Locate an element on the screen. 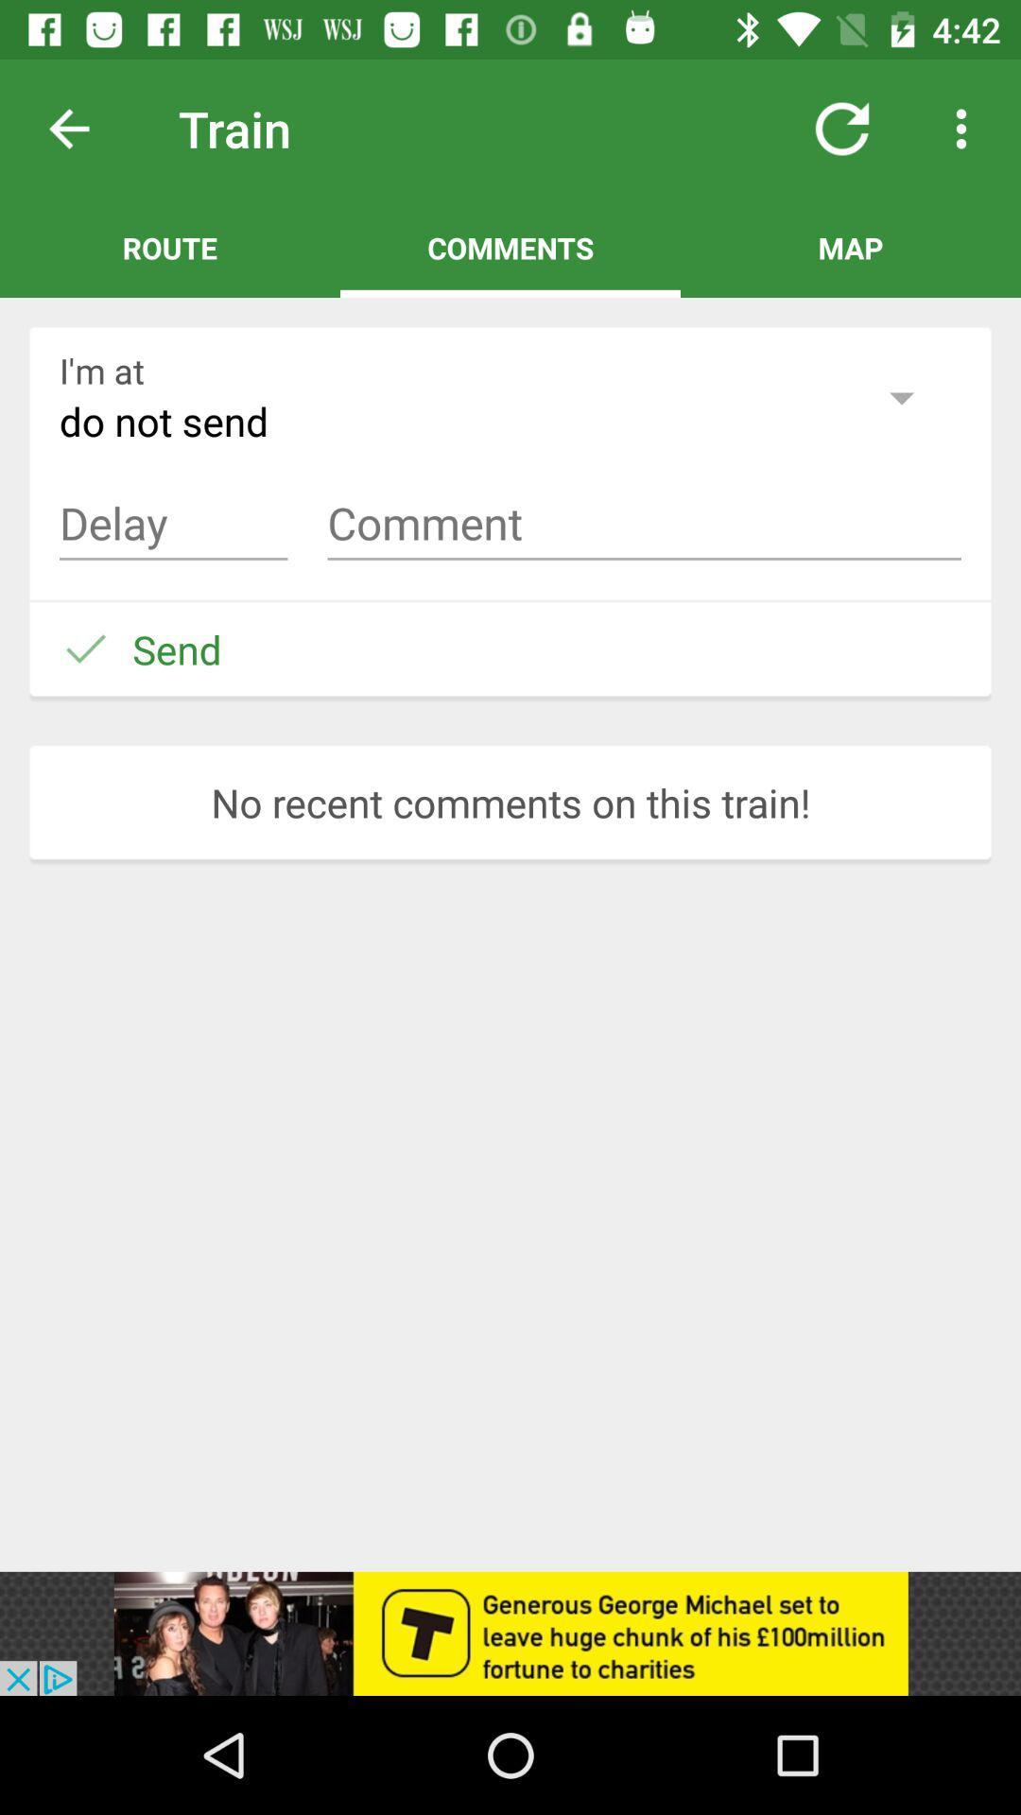  the text box which says delay is located at coordinates (174, 524).